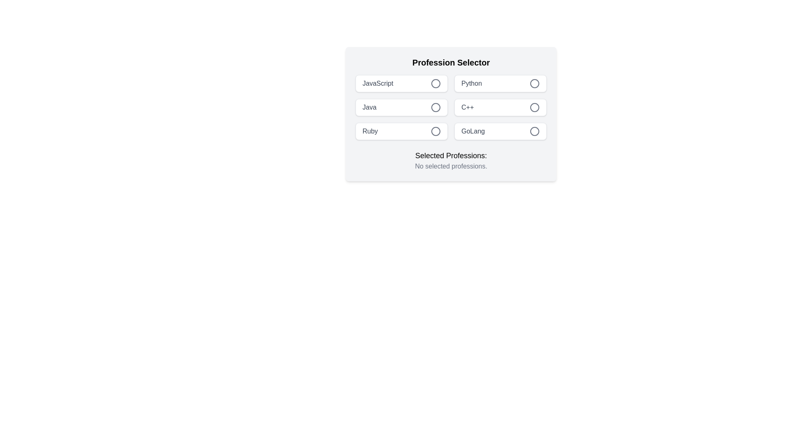 The image size is (791, 445). I want to click on the text element displaying 'C++' in a medium-weight, gray font, located in the middle-right grid of the profession selection grid, so click(468, 107).